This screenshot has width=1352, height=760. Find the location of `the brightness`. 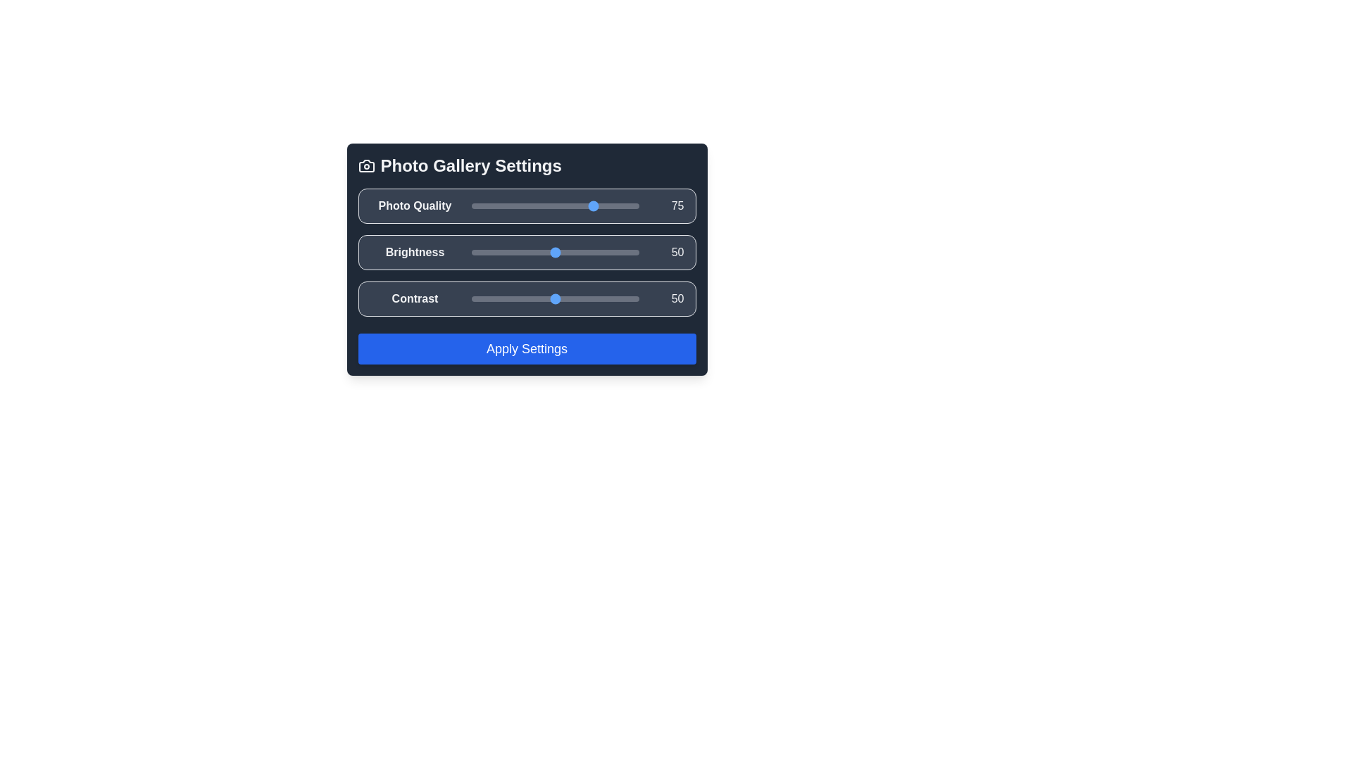

the brightness is located at coordinates (527, 251).